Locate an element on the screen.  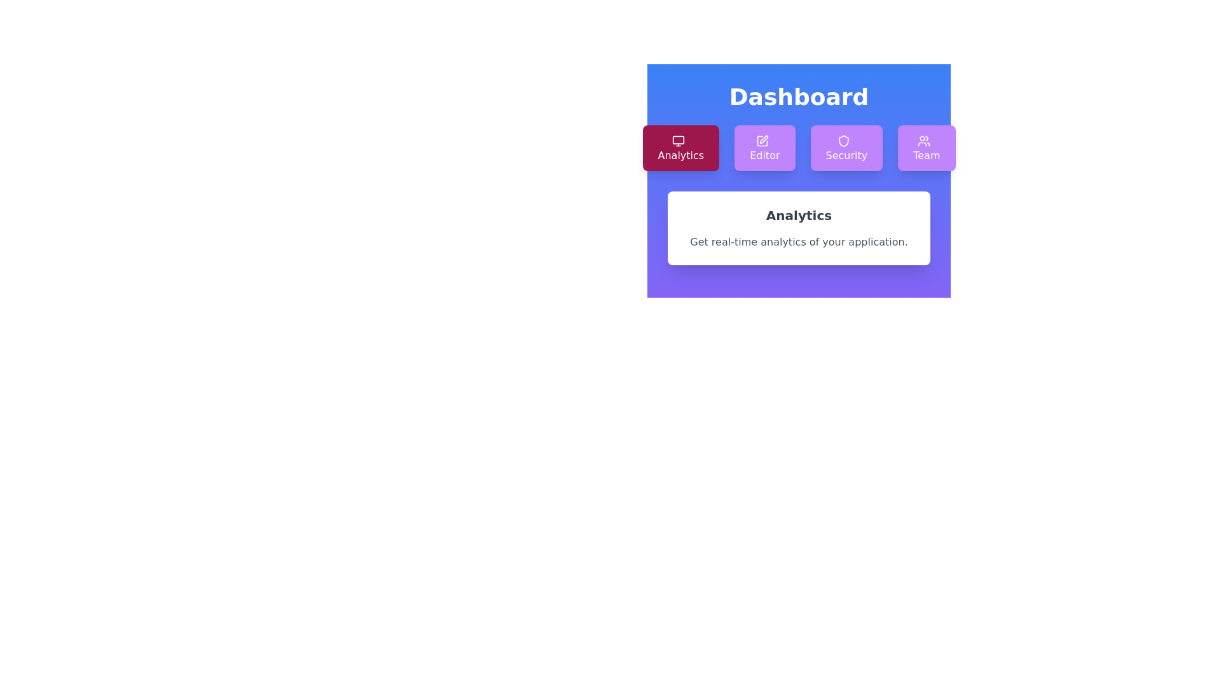
the Security tab is located at coordinates (846, 147).